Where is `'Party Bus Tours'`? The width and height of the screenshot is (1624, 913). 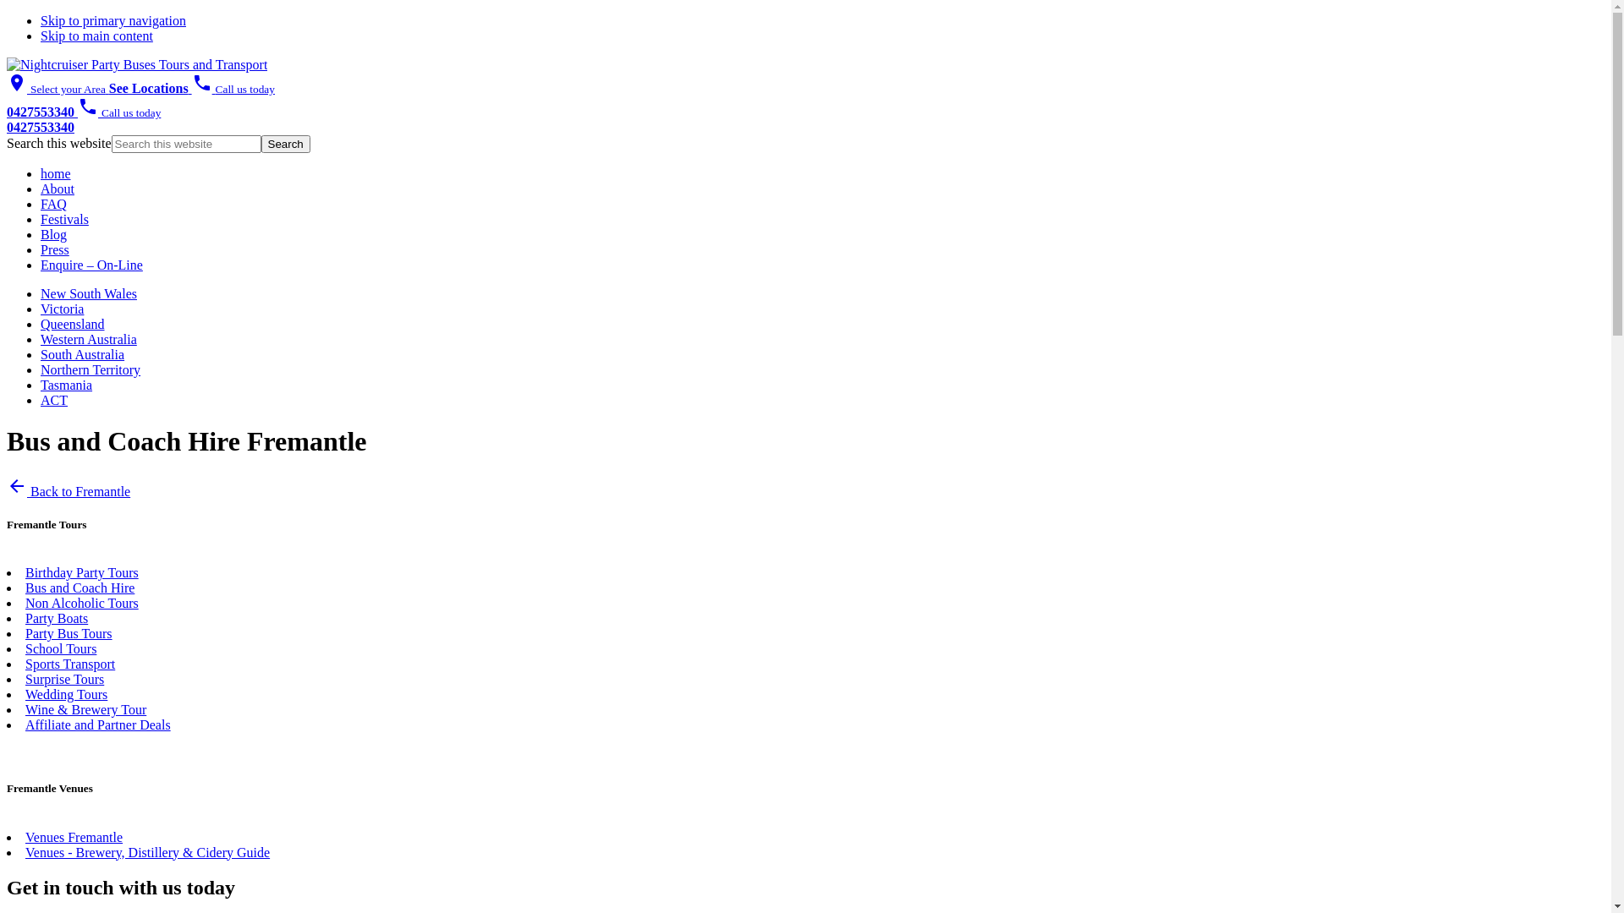
'Party Bus Tours' is located at coordinates (68, 633).